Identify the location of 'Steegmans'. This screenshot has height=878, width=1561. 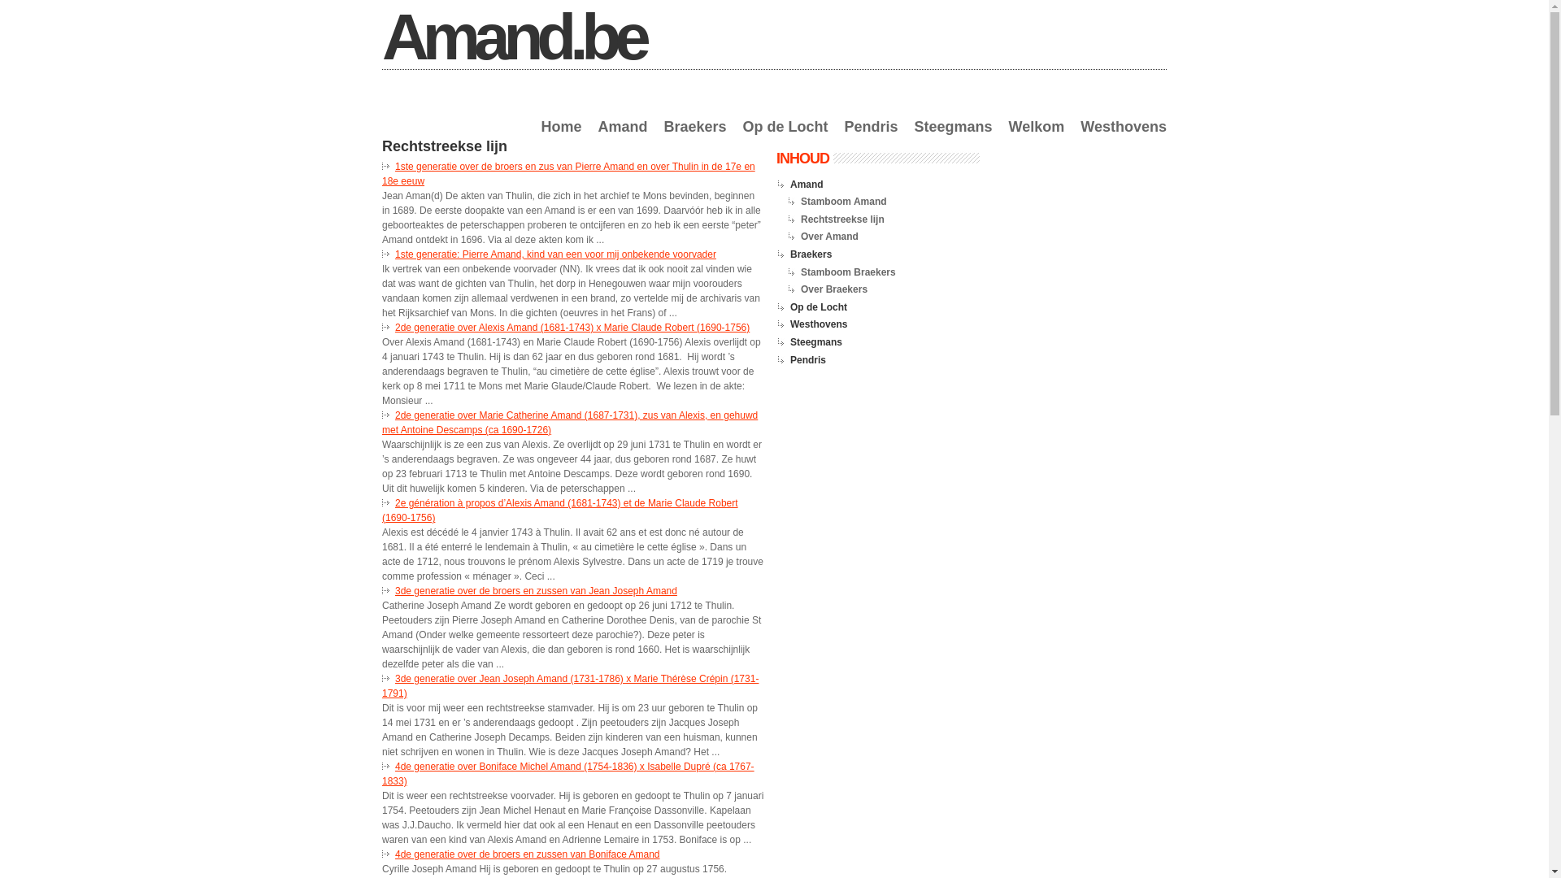
(953, 135).